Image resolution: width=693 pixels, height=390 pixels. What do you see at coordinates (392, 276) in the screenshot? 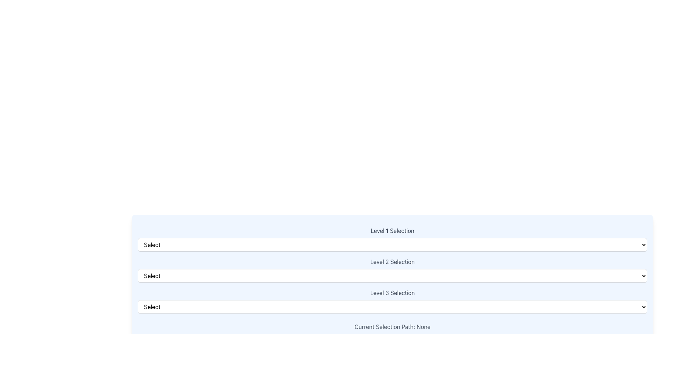
I see `the Dropdown menu for 'Level 2 Selection' to focus on it` at bounding box center [392, 276].